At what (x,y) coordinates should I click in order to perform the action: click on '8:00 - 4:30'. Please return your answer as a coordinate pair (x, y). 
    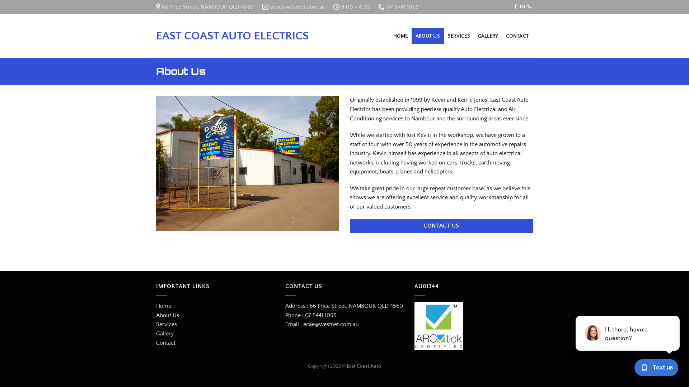
    Looking at the image, I should click on (332, 7).